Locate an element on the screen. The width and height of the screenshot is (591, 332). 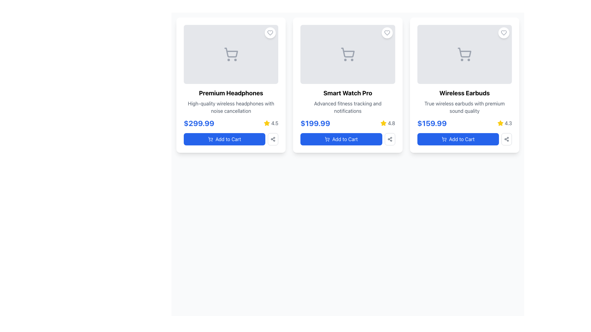
the icon located within the left part of the blue 'Add to Cart' button beneath the 'Premium Headphones' product card is located at coordinates (211, 139).